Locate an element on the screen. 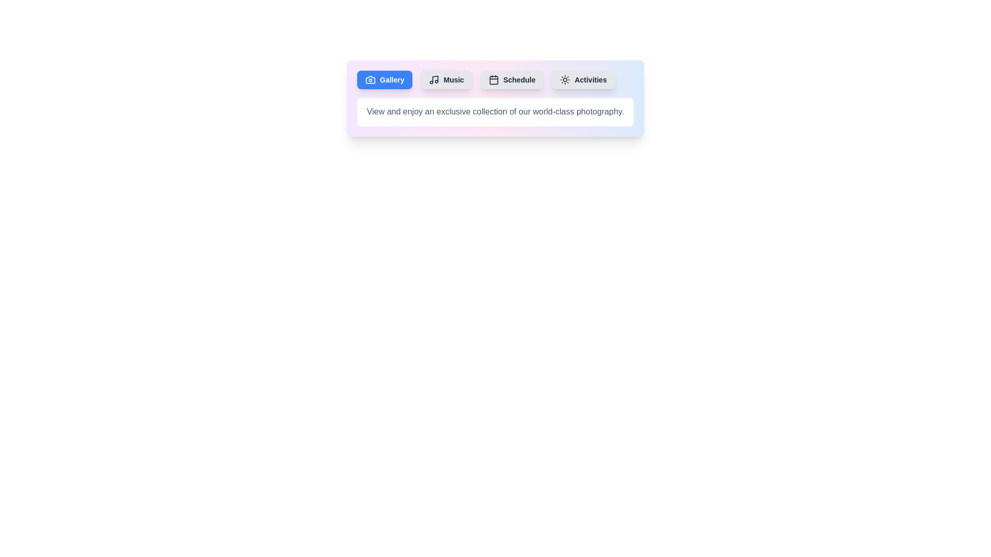 The width and height of the screenshot is (991, 557). the tab labeled Schedule is located at coordinates (512, 79).